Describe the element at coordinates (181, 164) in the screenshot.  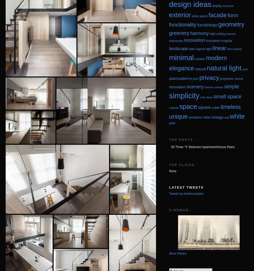
I see `'Top Clicks'` at that location.